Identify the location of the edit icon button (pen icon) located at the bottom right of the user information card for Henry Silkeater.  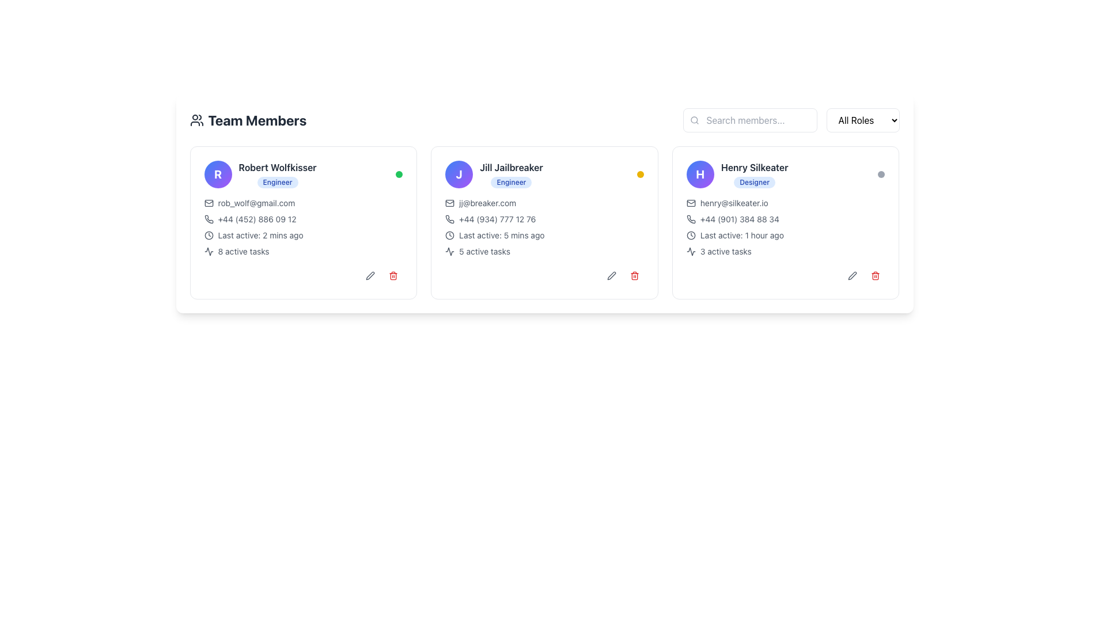
(853, 275).